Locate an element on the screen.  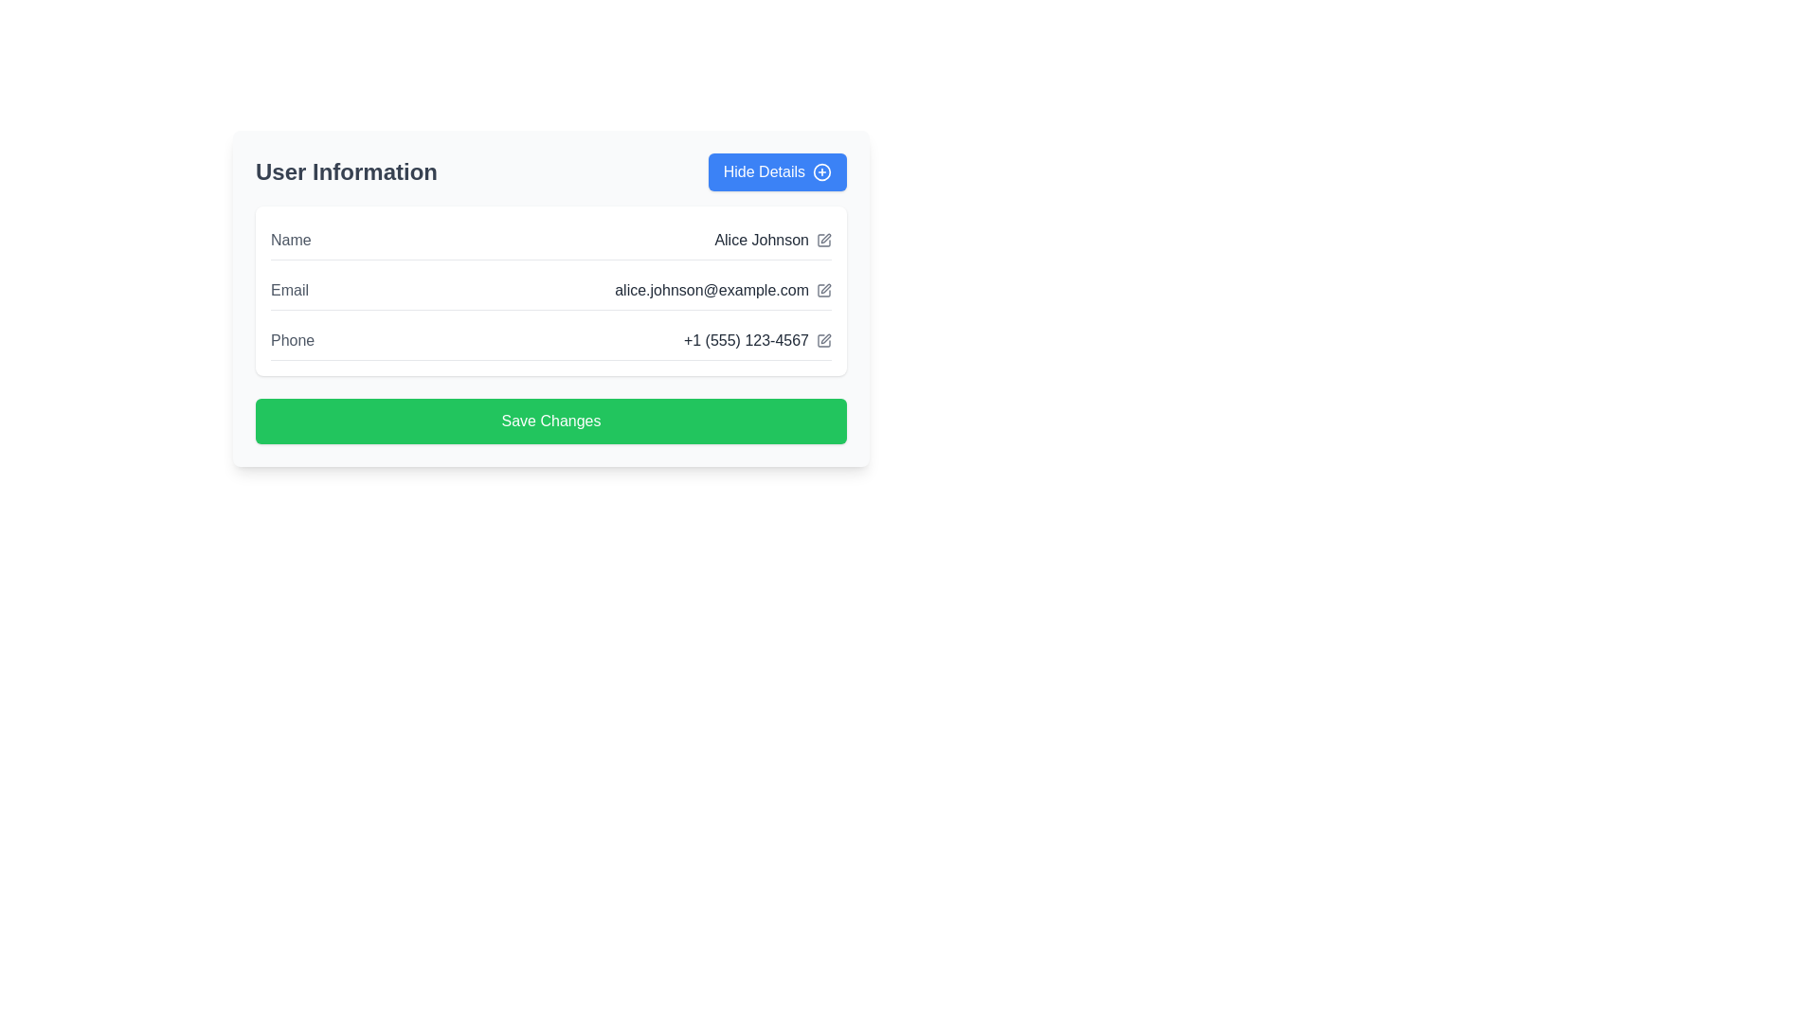
the graphical icon located in the top-right portion of the application layout, near the 'Phone' text field, to access the associated feature is located at coordinates (823, 339).